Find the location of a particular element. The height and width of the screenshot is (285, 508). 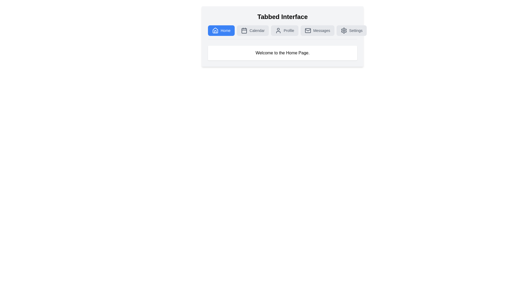

the 'Home' text label, which is displayed in white text on a blue background and is part of the navigation menu is located at coordinates (225, 30).